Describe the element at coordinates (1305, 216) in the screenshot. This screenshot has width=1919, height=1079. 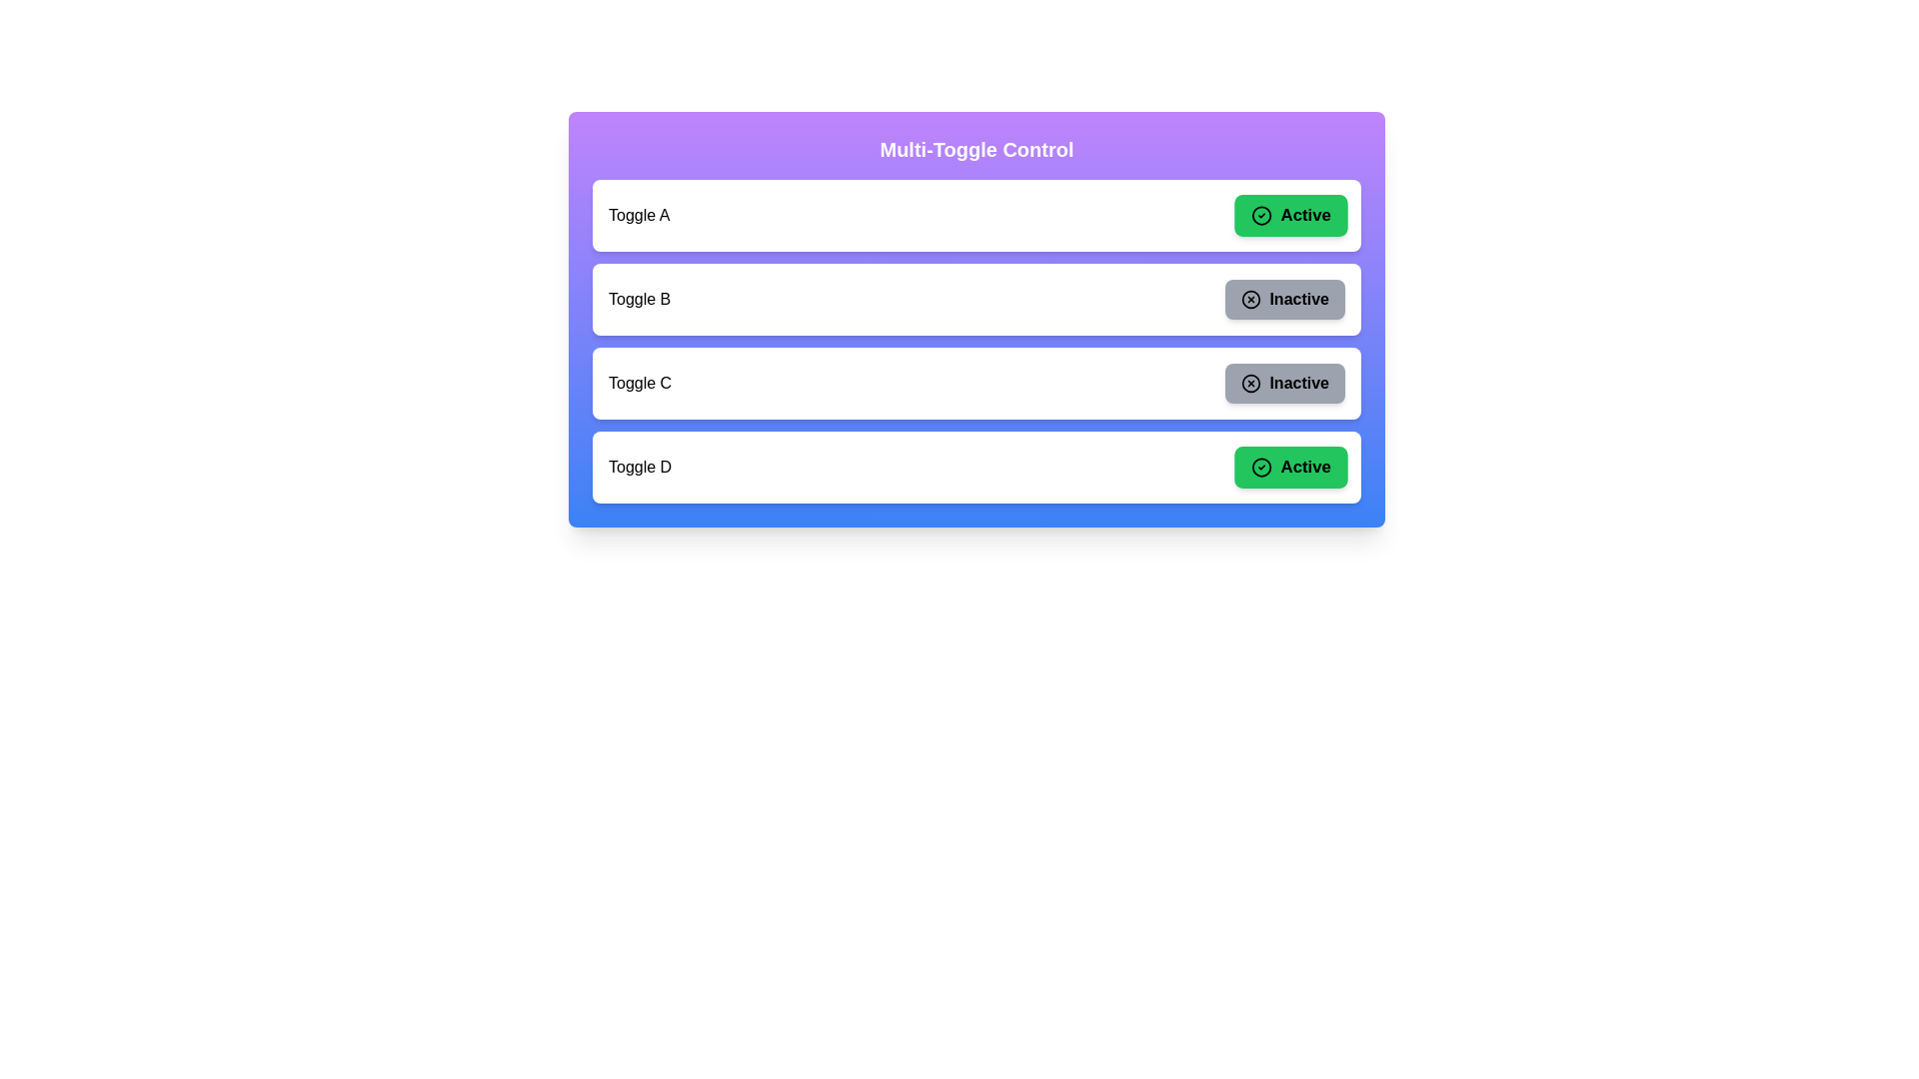
I see `the text label displaying 'Active' in bold black font, which is located inside a green button at the right end of the 'Toggle A' row` at that location.